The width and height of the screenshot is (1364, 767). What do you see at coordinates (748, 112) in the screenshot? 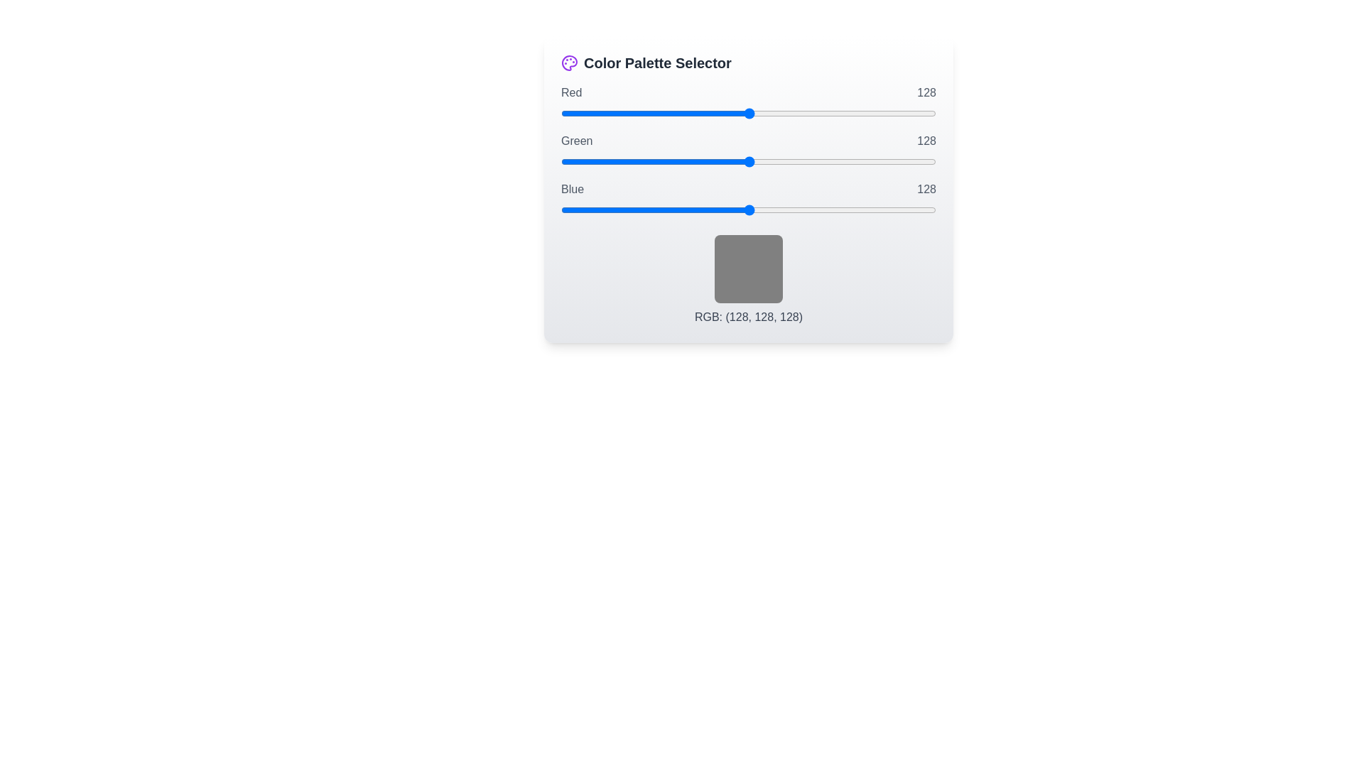
I see `the 0 slider to 76 to observe the color preview box update` at bounding box center [748, 112].